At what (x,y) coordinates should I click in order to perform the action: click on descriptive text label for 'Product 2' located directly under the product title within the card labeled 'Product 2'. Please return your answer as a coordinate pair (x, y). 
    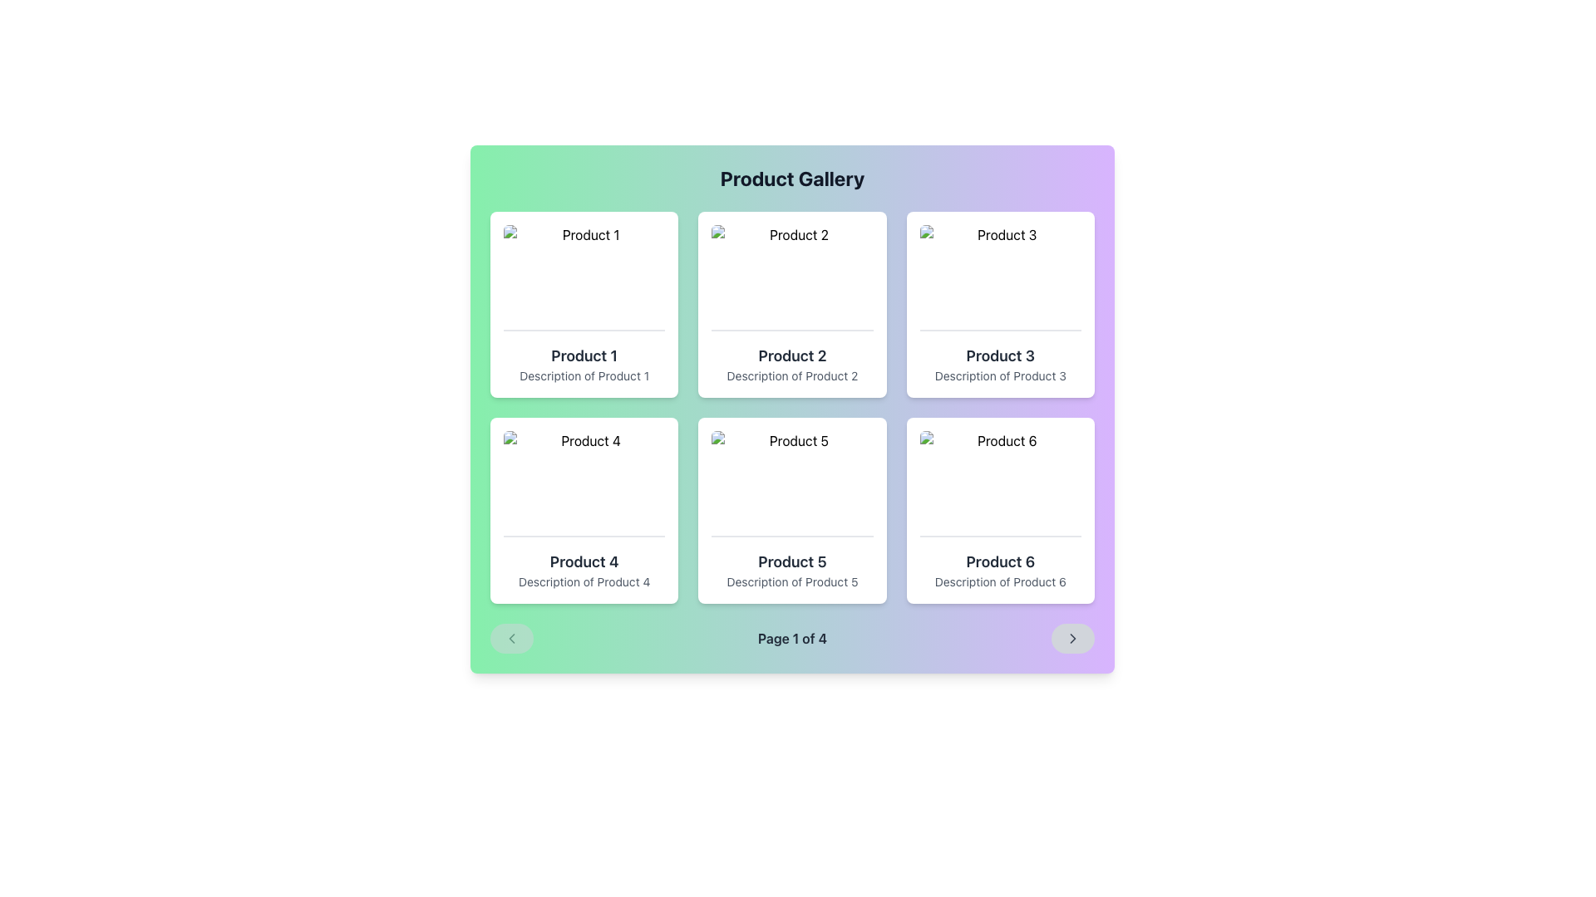
    Looking at the image, I should click on (791, 375).